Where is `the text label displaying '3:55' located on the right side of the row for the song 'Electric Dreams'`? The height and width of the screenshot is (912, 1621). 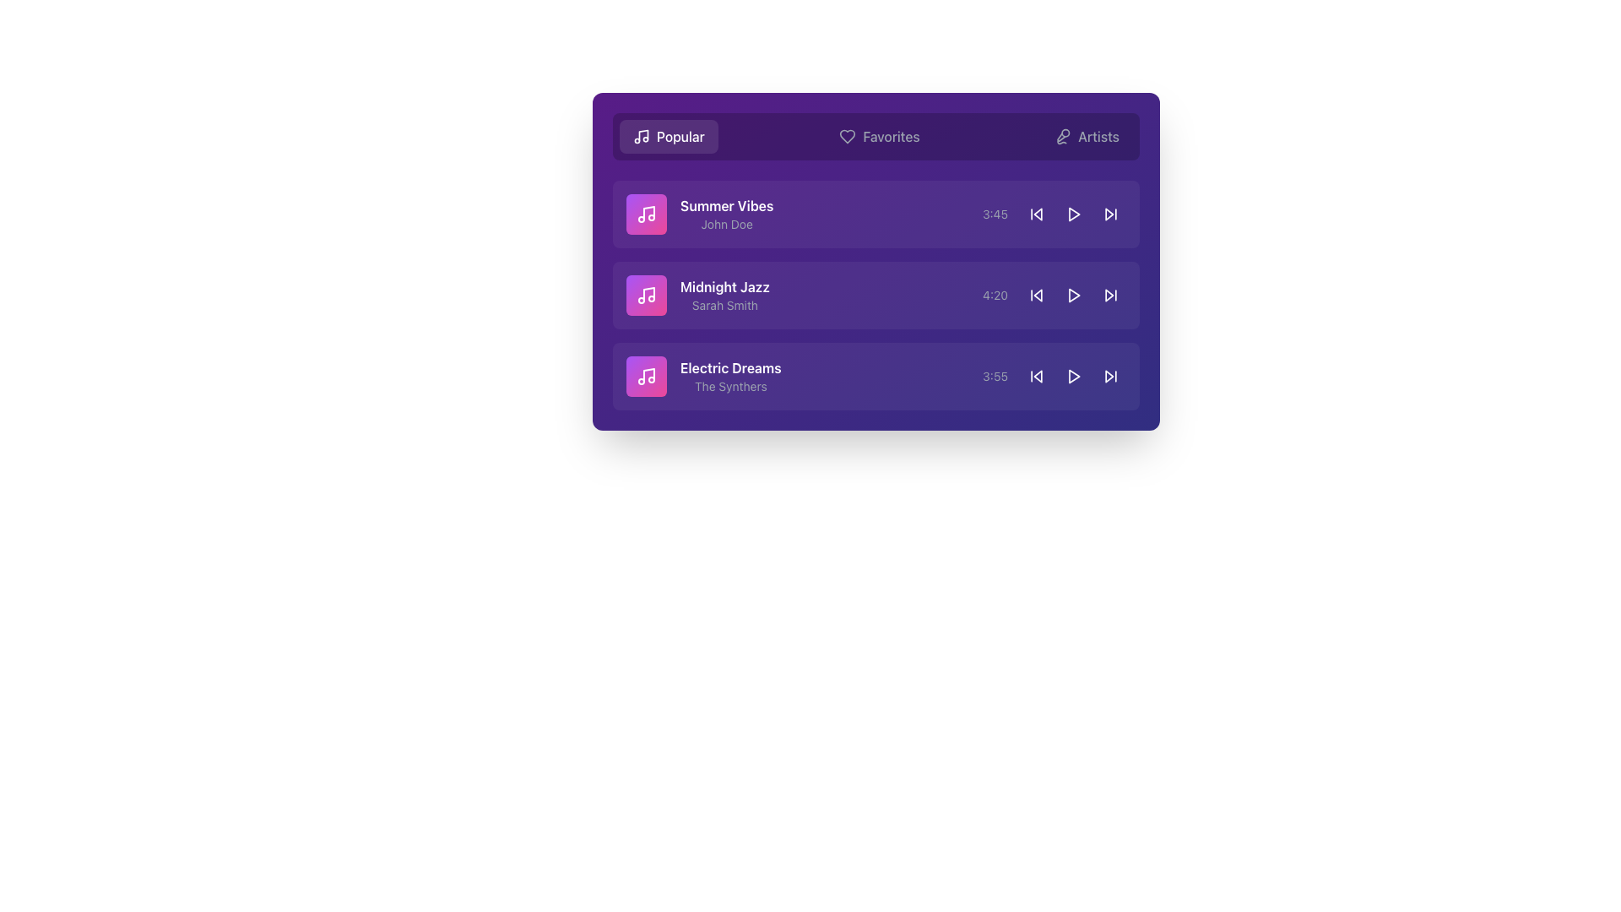 the text label displaying '3:55' located on the right side of the row for the song 'Electric Dreams' is located at coordinates (995, 376).